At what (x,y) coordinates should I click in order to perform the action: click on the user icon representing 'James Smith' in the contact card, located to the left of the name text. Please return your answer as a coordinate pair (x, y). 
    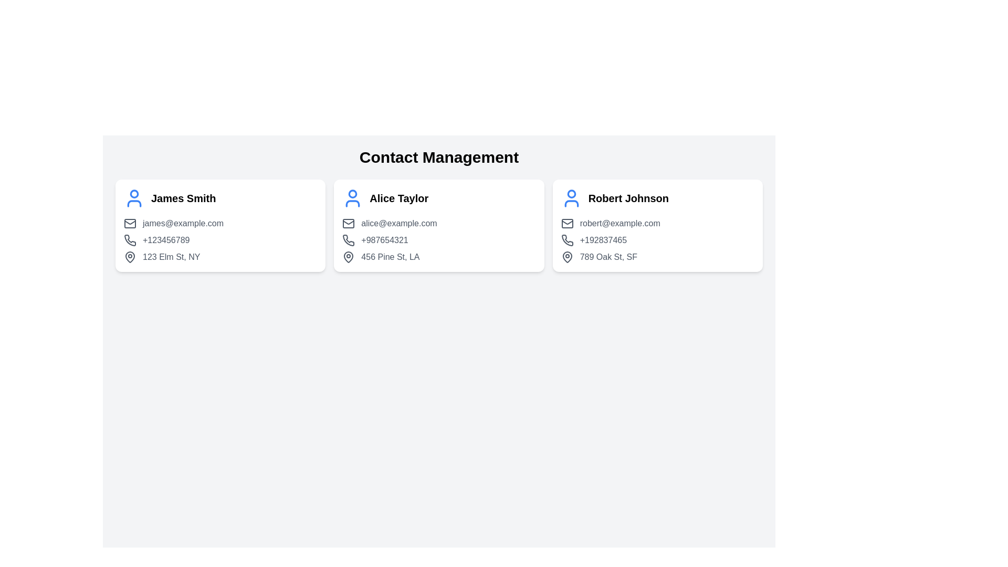
    Looking at the image, I should click on (133, 198).